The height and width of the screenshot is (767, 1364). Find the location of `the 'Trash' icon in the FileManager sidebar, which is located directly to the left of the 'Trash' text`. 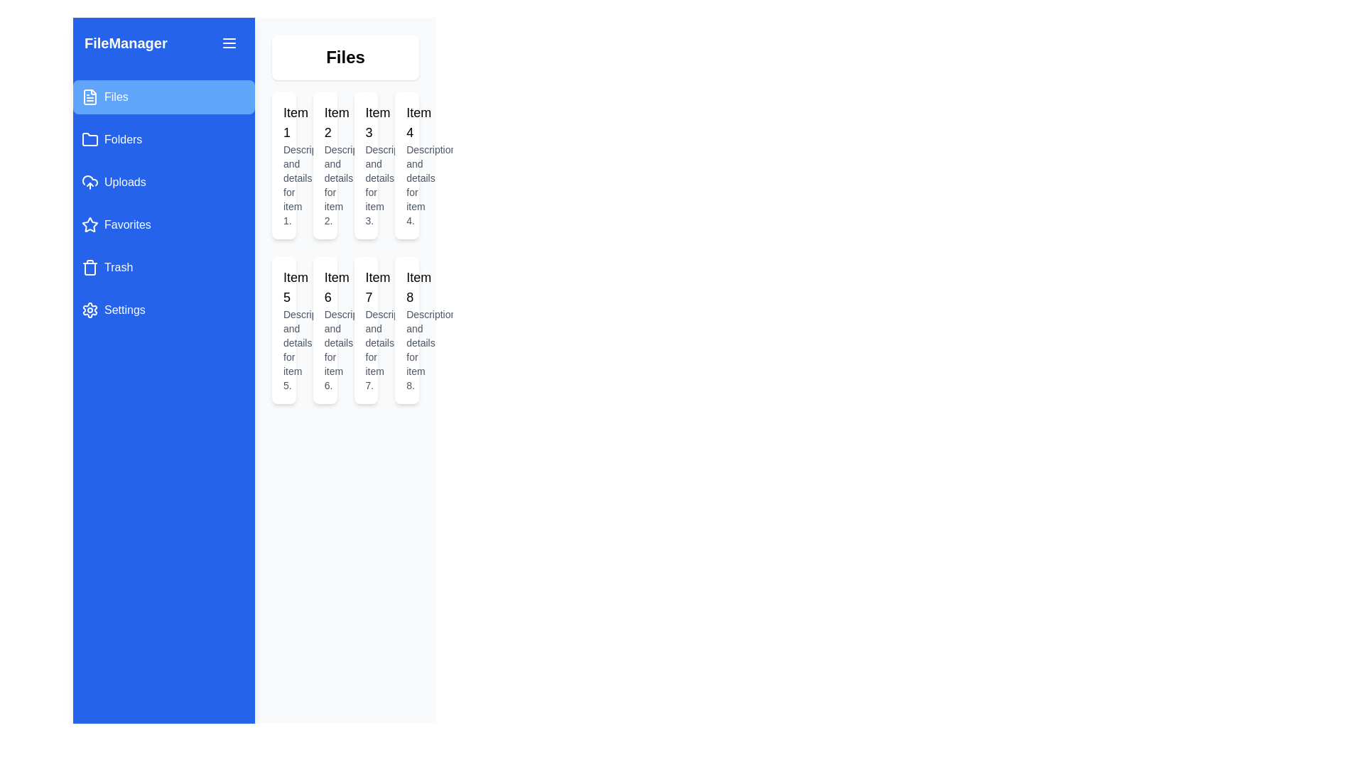

the 'Trash' icon in the FileManager sidebar, which is located directly to the left of the 'Trash' text is located at coordinates (89, 268).